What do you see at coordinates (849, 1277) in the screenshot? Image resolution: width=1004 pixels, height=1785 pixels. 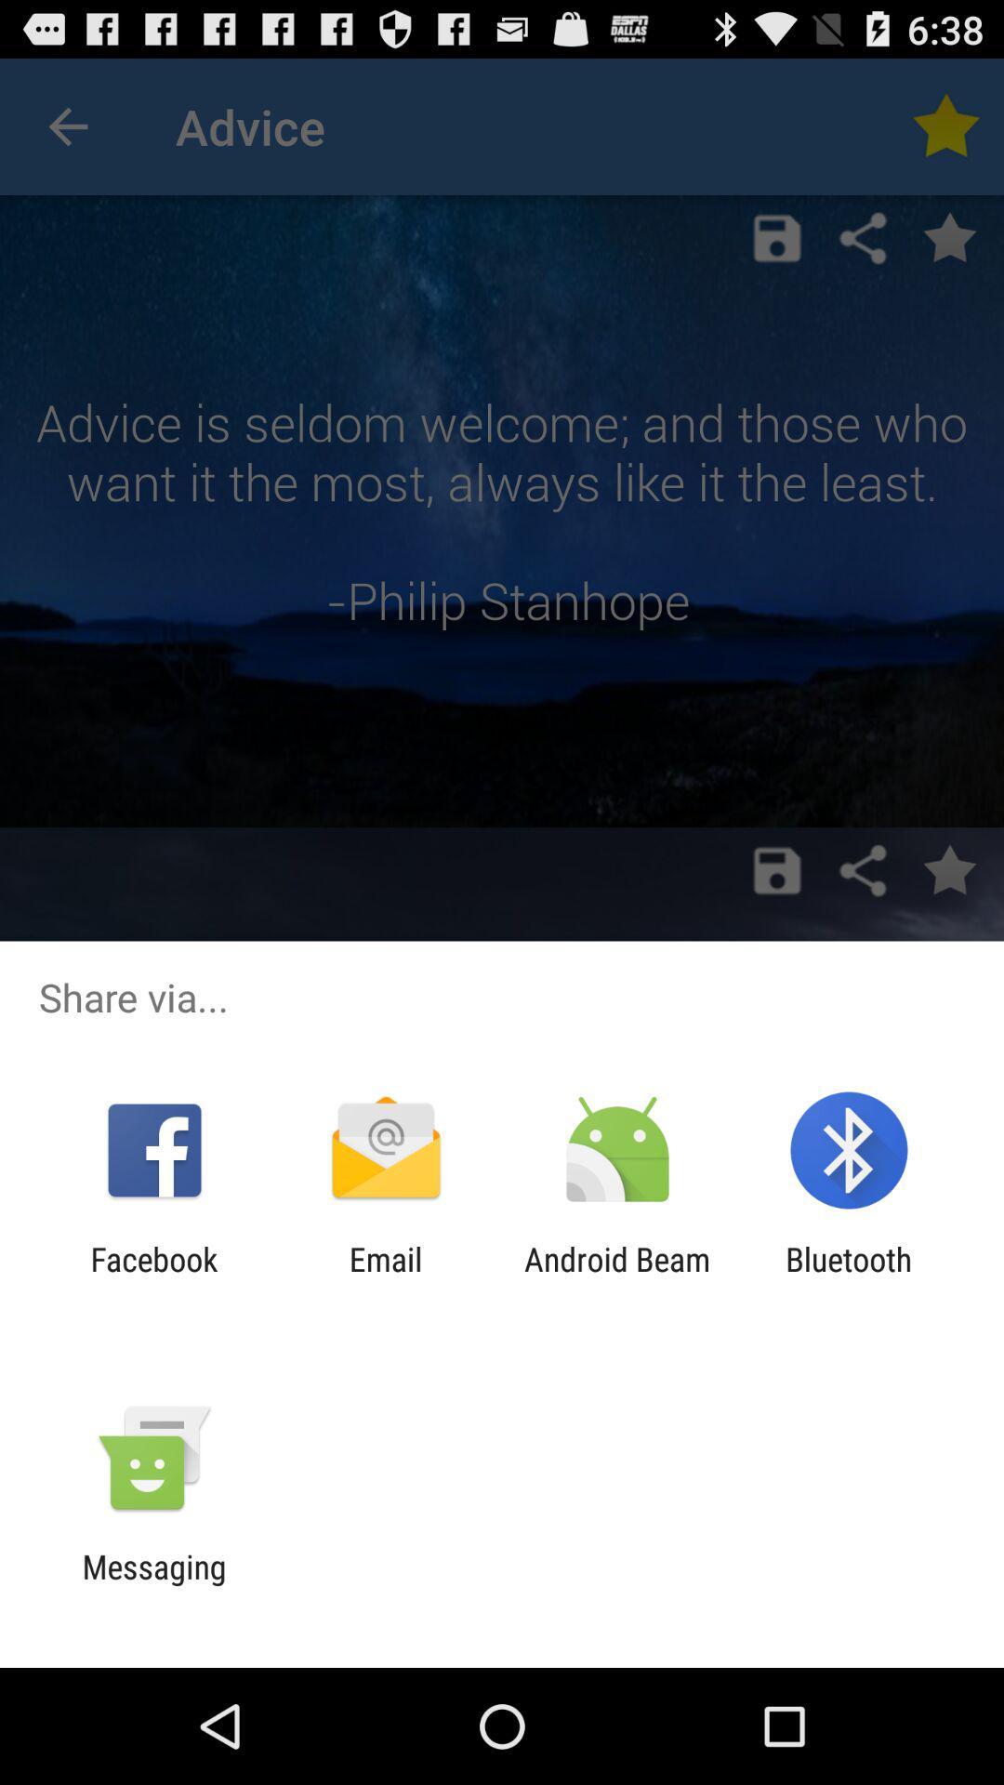 I see `item at the bottom right corner` at bounding box center [849, 1277].